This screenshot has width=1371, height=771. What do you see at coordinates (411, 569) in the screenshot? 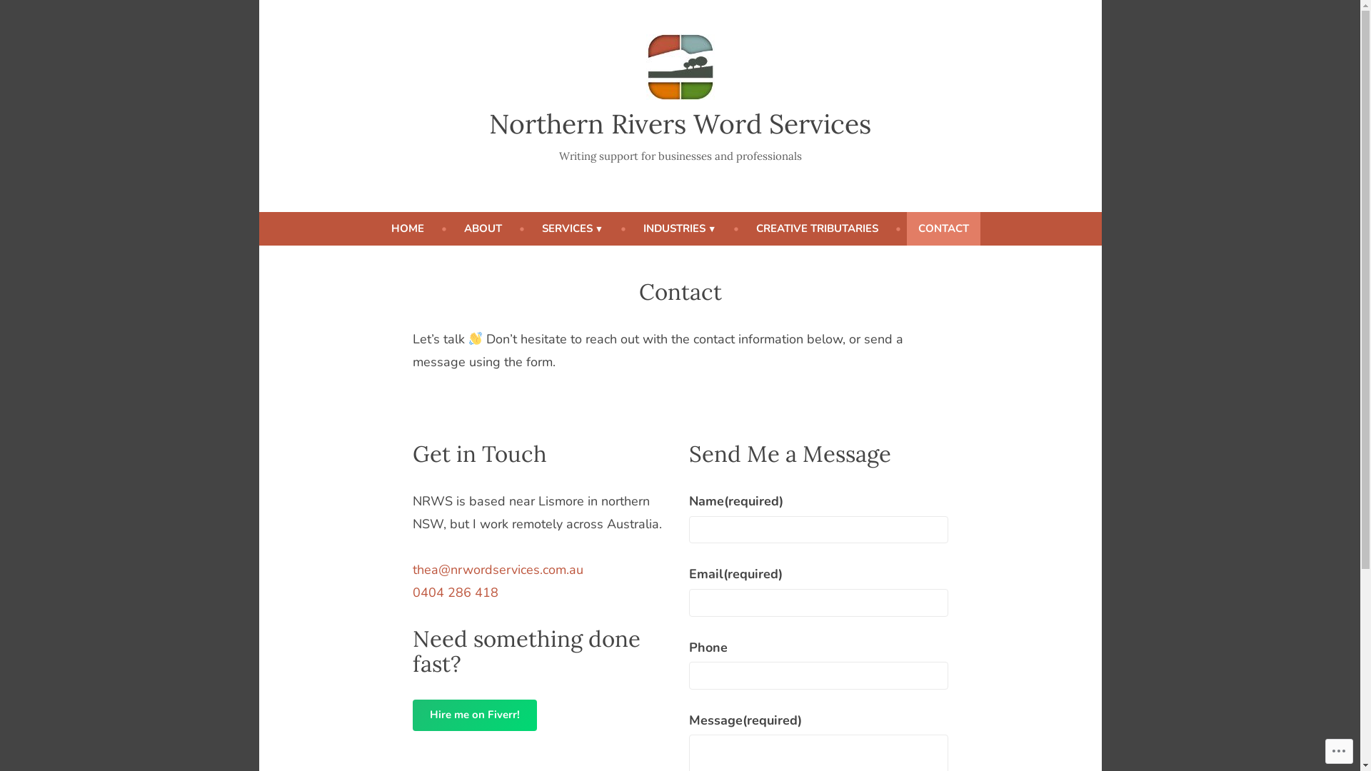
I see `'thea@nrwordservices.com.au'` at bounding box center [411, 569].